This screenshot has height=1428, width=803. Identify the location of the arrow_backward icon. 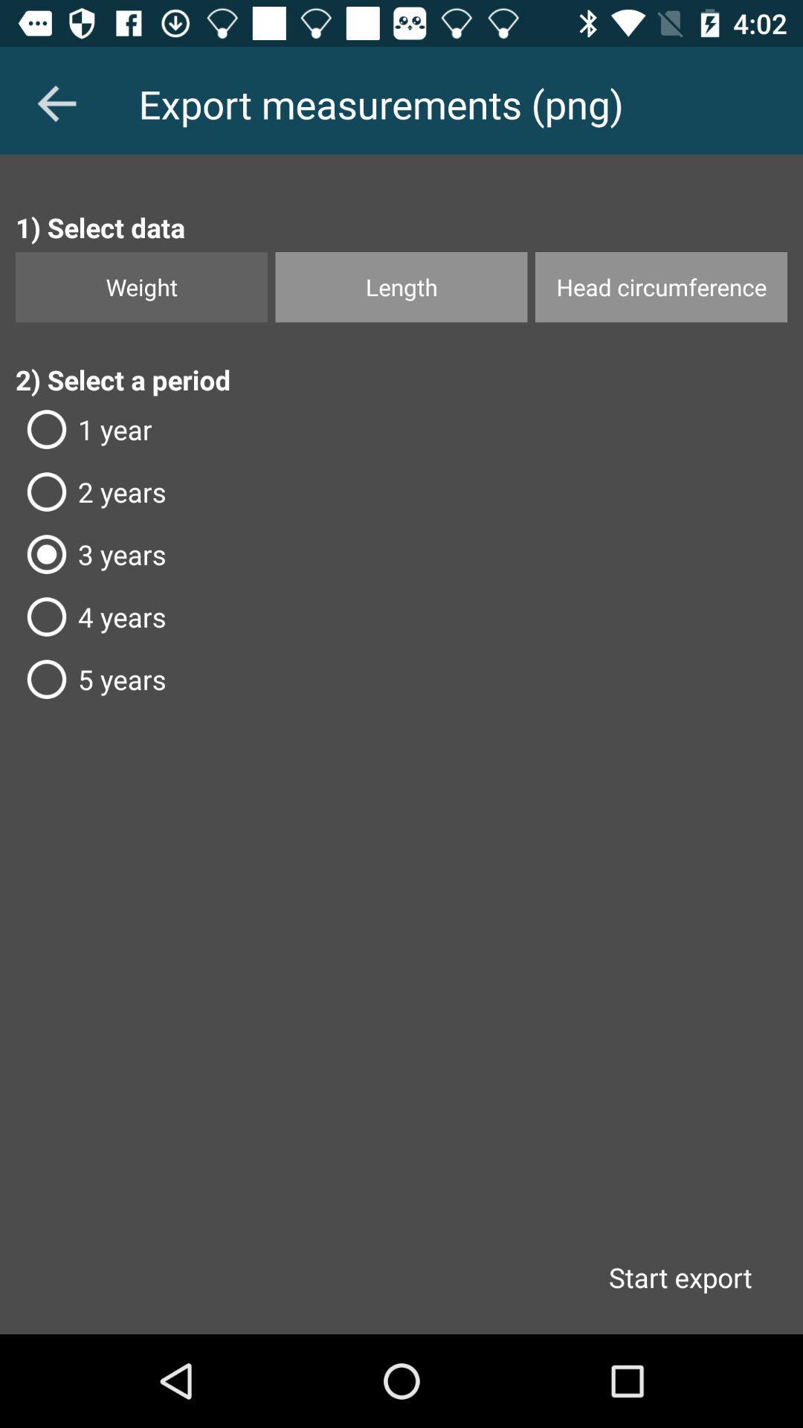
(56, 103).